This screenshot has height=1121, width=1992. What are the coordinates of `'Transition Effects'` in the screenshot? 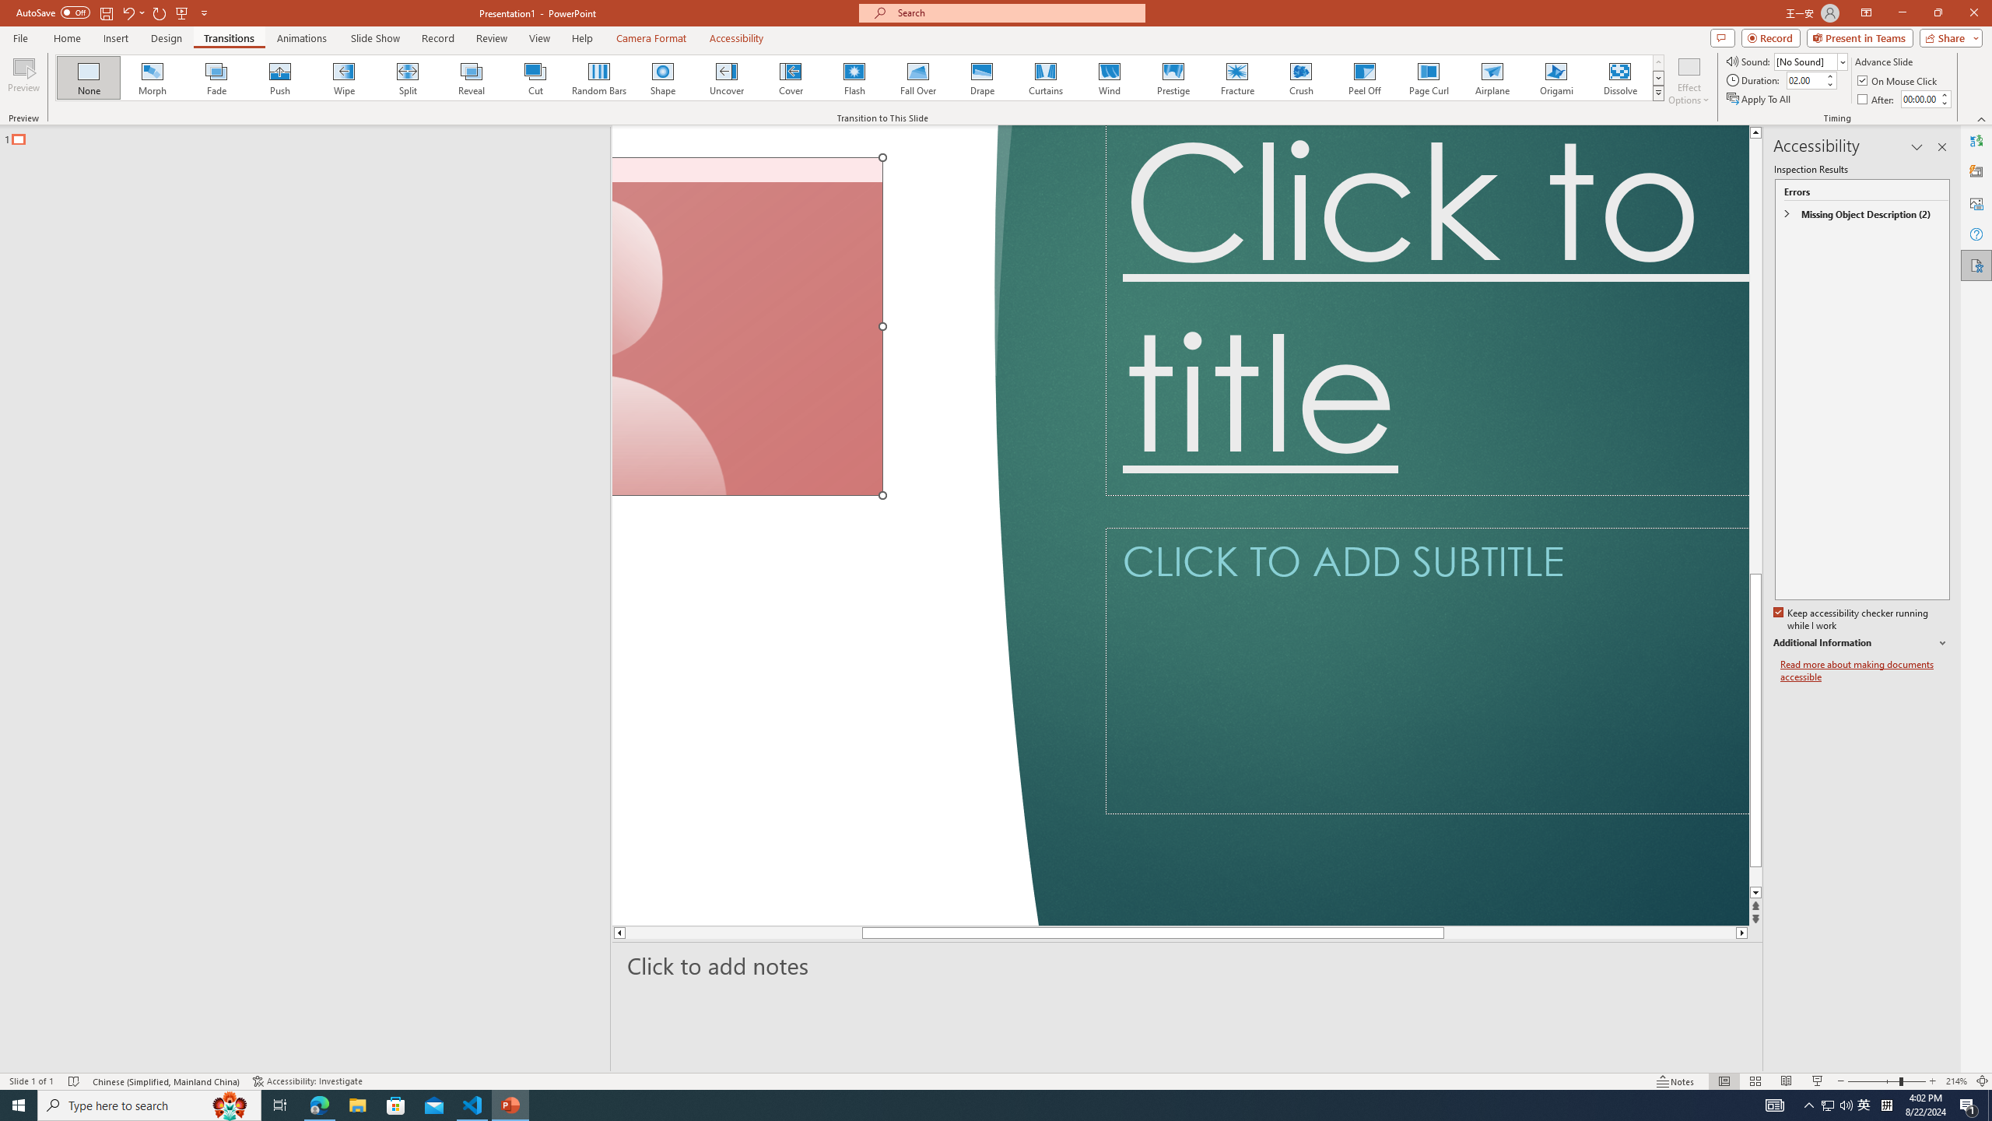 It's located at (1658, 92).